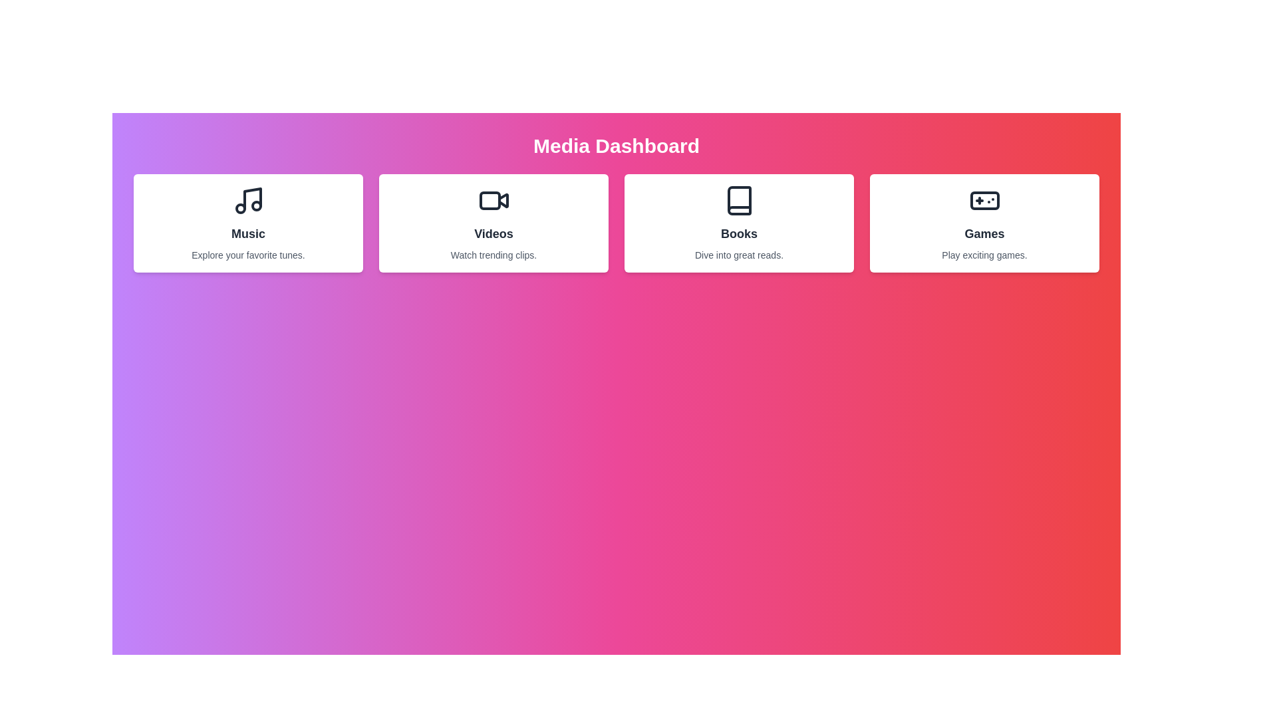 Image resolution: width=1277 pixels, height=718 pixels. I want to click on the text label displaying 'Games' in bold and larger font size, which is positioned beneath the game icon and above the descriptive text 'Play exciting games', so click(984, 233).